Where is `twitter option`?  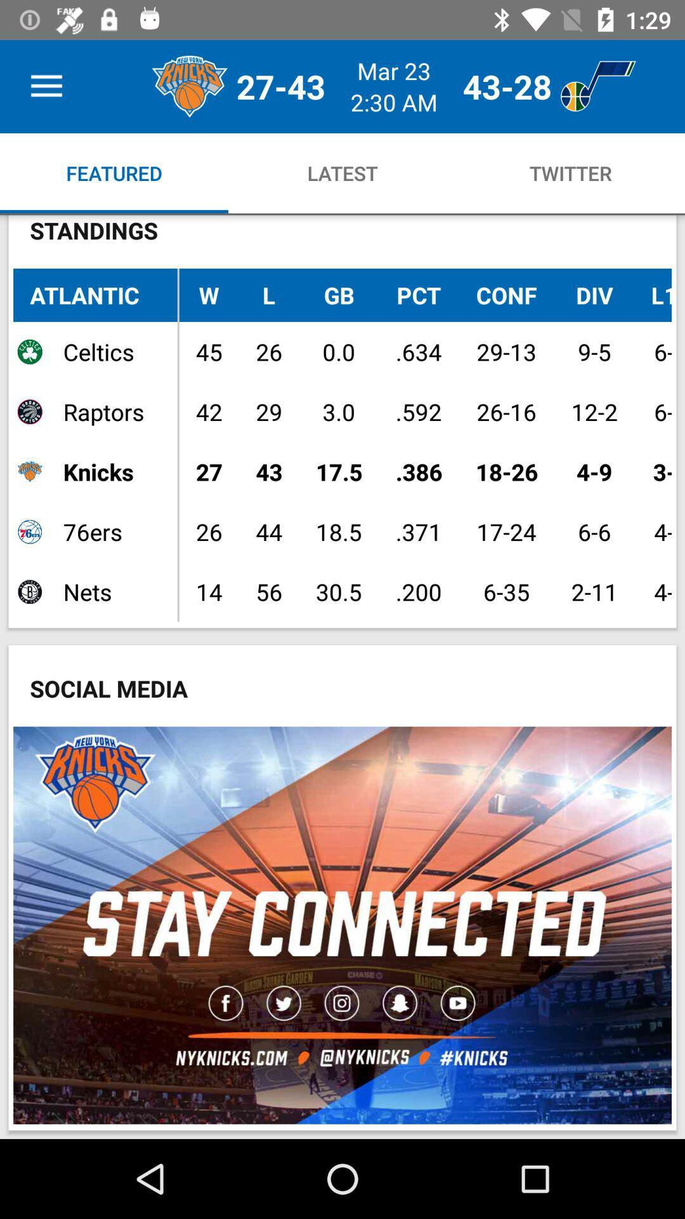 twitter option is located at coordinates (570, 173).